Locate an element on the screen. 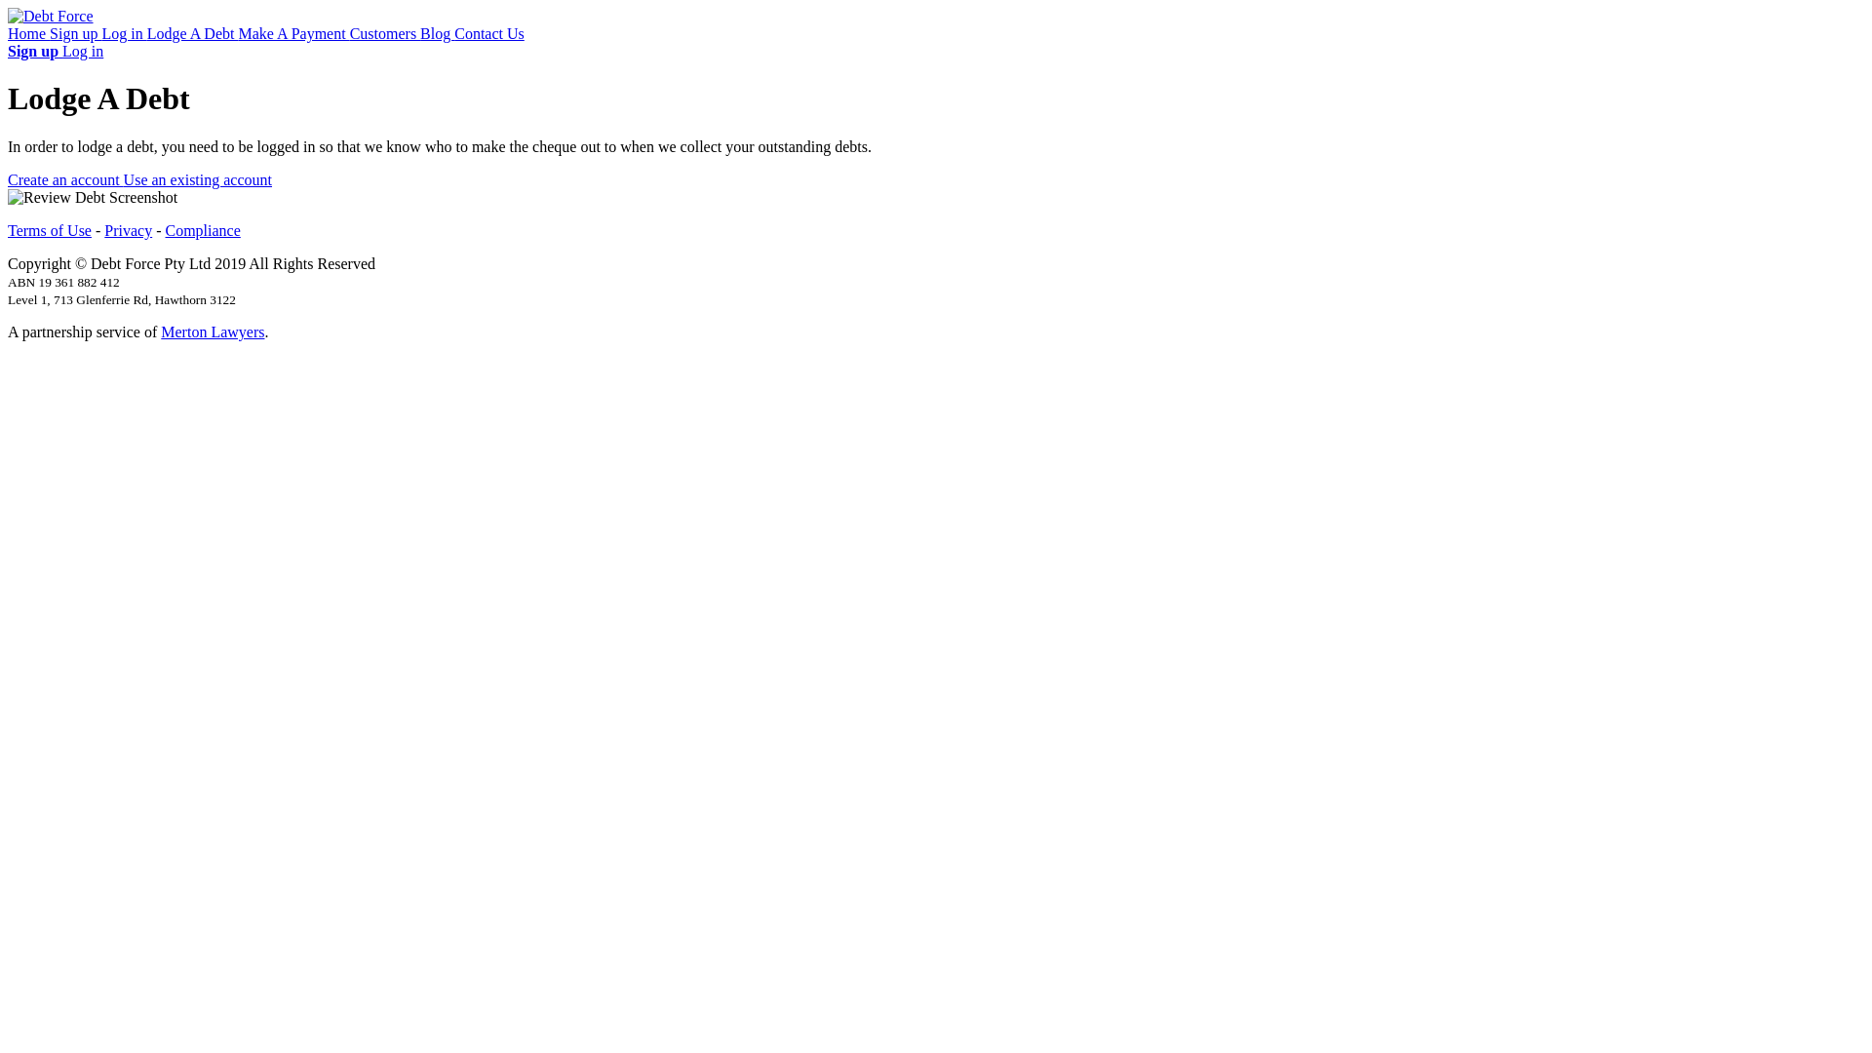 This screenshot has height=1053, width=1872. 'Debt Force' is located at coordinates (51, 16).